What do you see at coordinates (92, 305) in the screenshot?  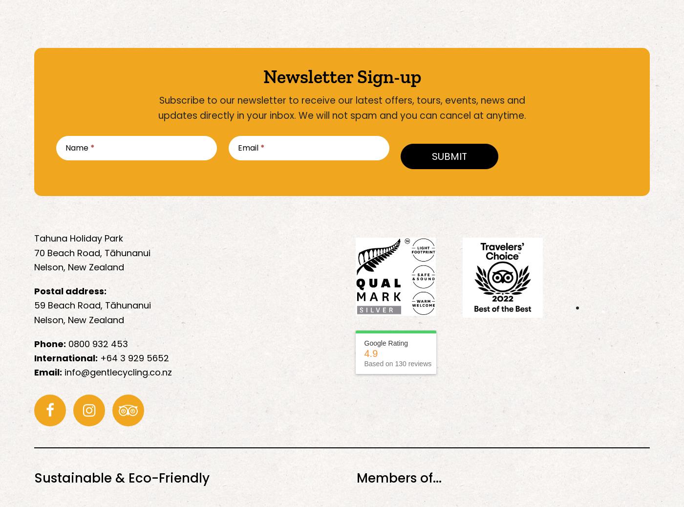 I see `'59 Beach Road, Tāhunanui'` at bounding box center [92, 305].